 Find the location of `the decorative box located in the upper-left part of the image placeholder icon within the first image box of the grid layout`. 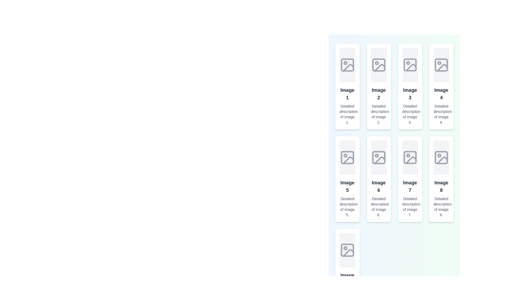

the decorative box located in the upper-left part of the image placeholder icon within the first image box of the grid layout is located at coordinates (347, 65).